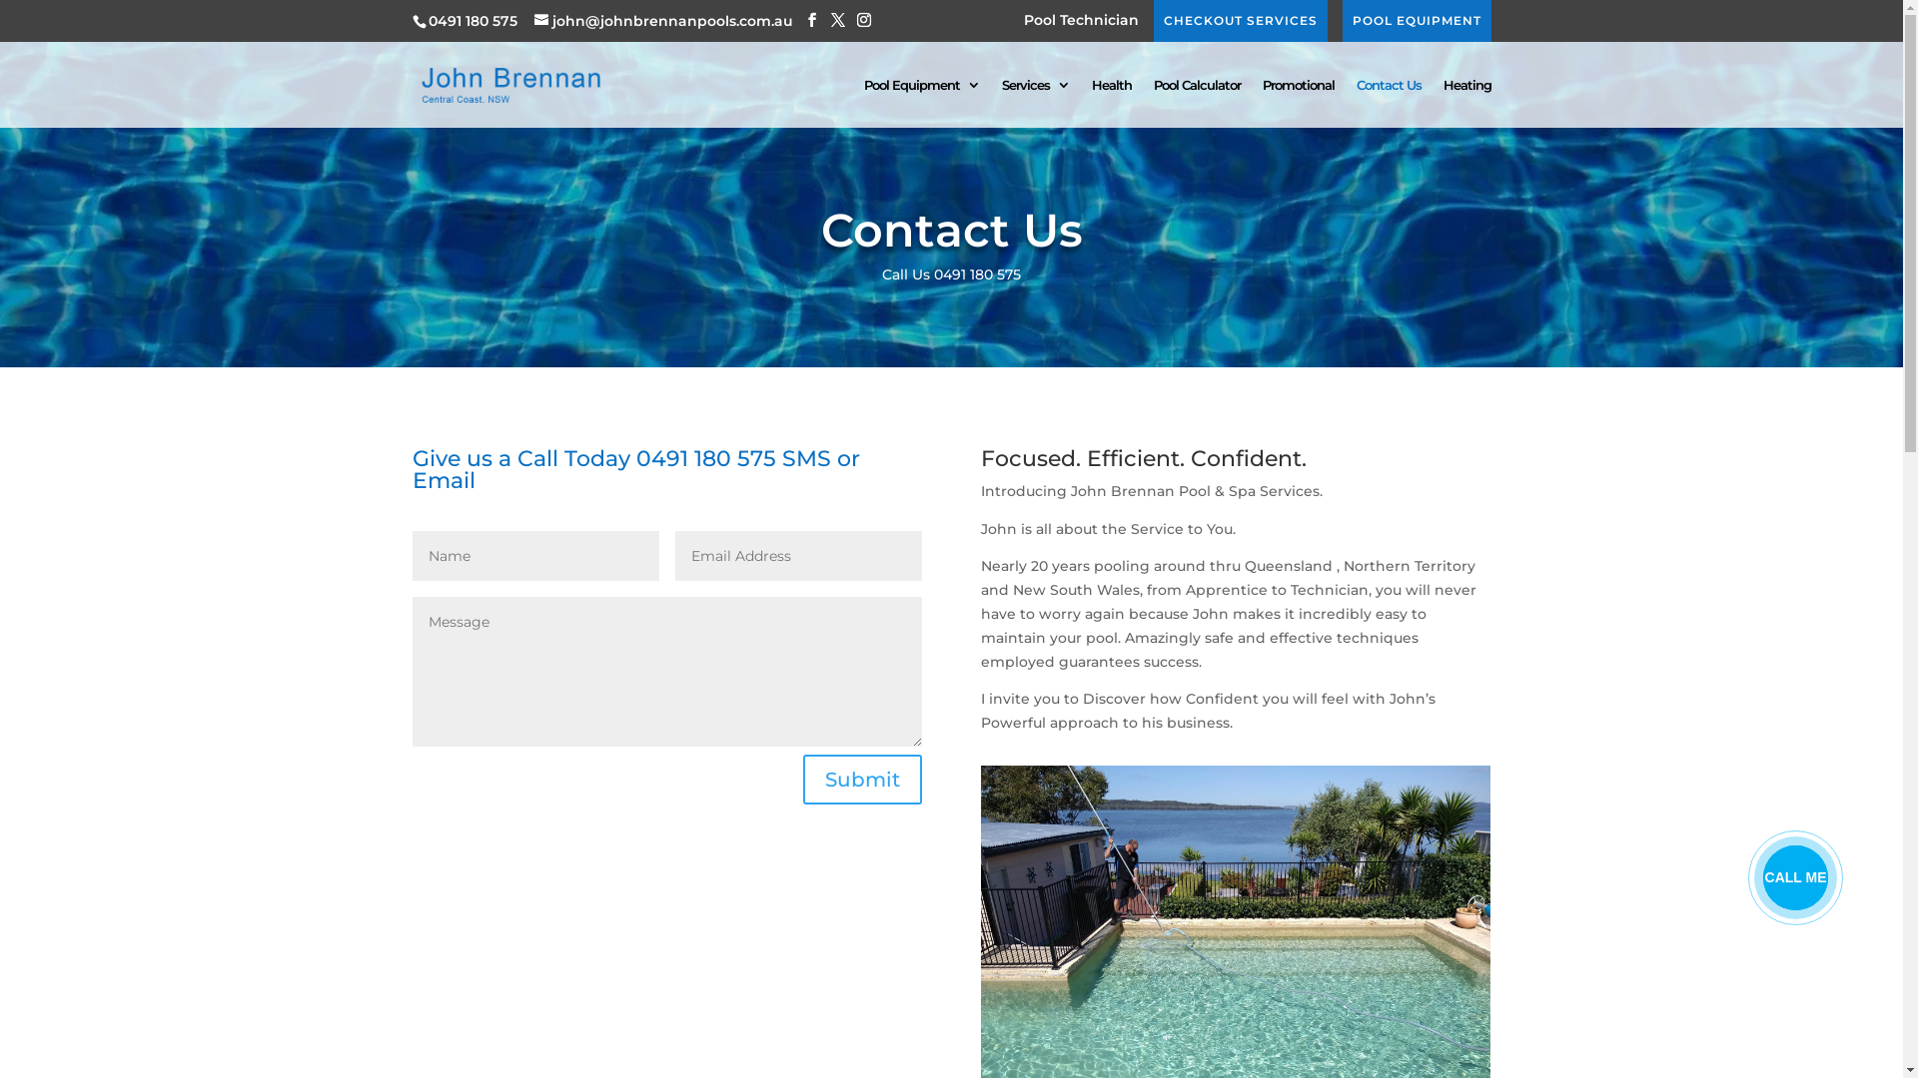 The height and width of the screenshot is (1078, 1918). What do you see at coordinates (1299, 103) in the screenshot?
I see `'Promotional'` at bounding box center [1299, 103].